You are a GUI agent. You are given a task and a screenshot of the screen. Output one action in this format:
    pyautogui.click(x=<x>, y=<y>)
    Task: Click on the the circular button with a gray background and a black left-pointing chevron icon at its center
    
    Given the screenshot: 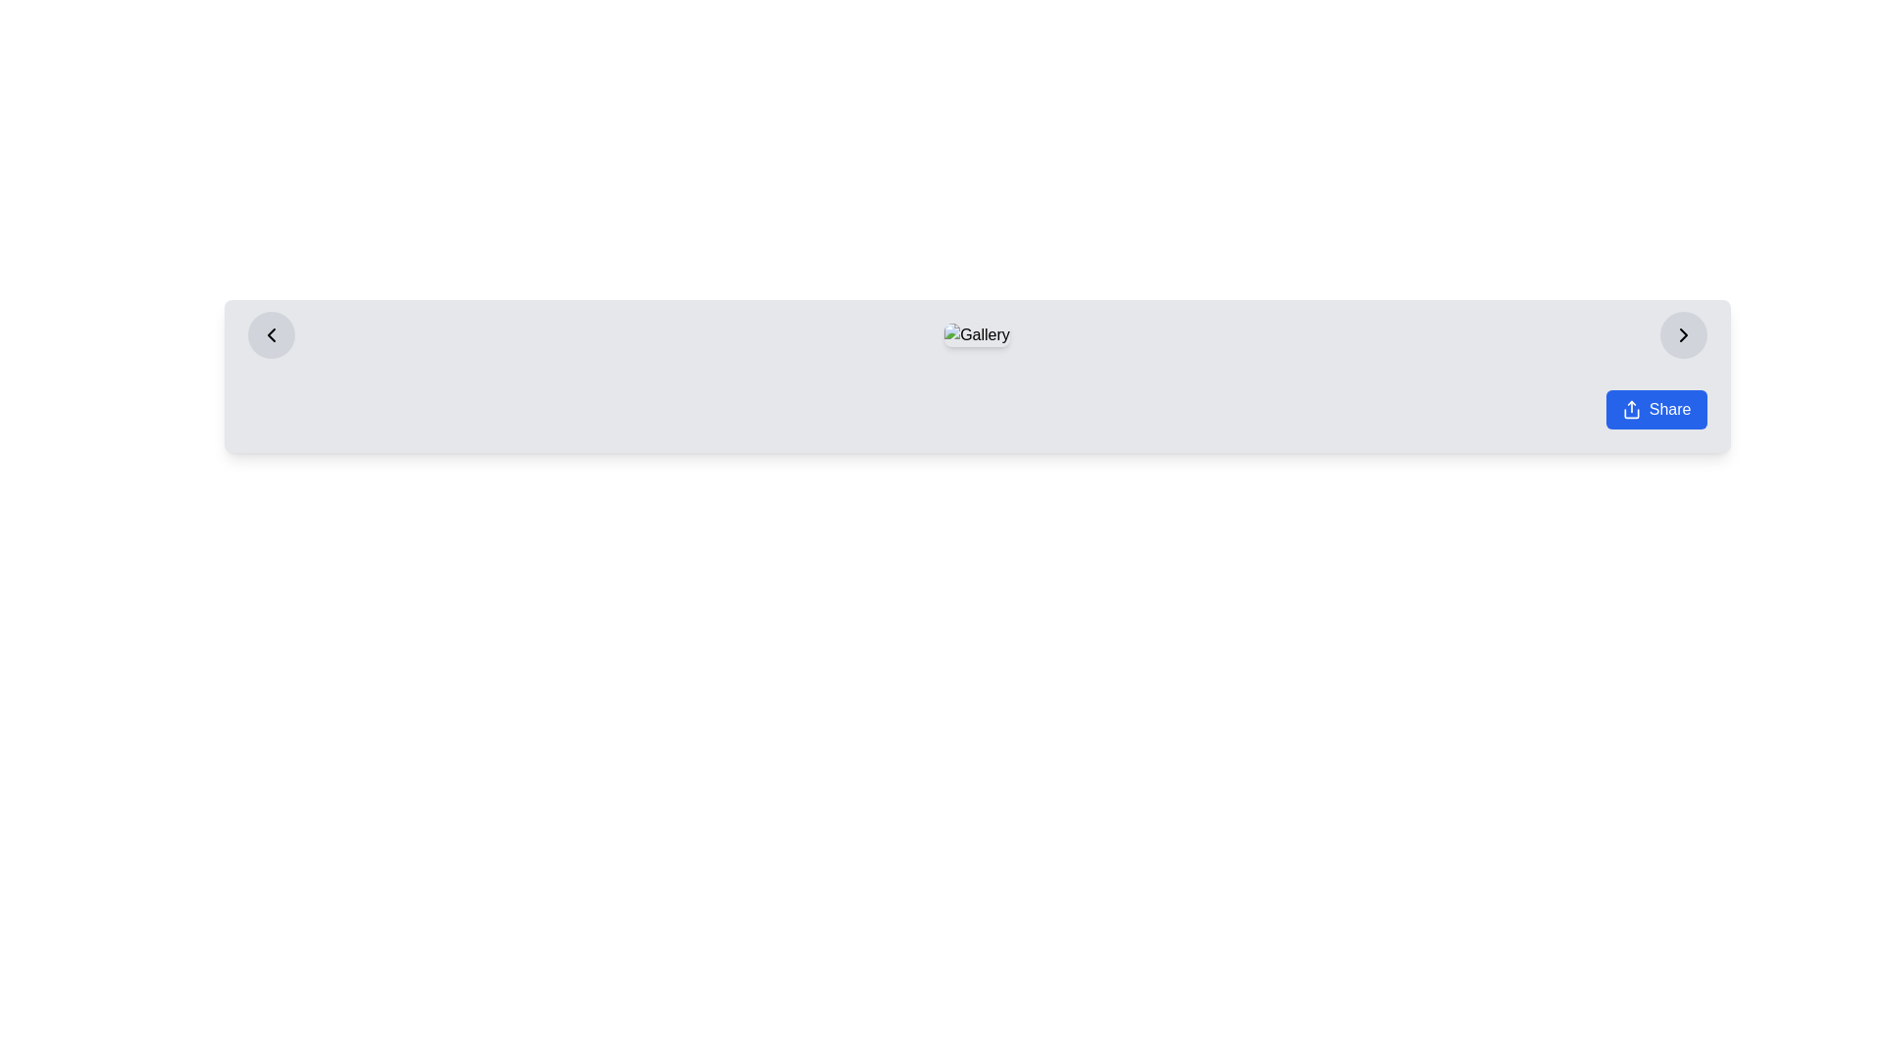 What is the action you would take?
    pyautogui.click(x=270, y=334)
    